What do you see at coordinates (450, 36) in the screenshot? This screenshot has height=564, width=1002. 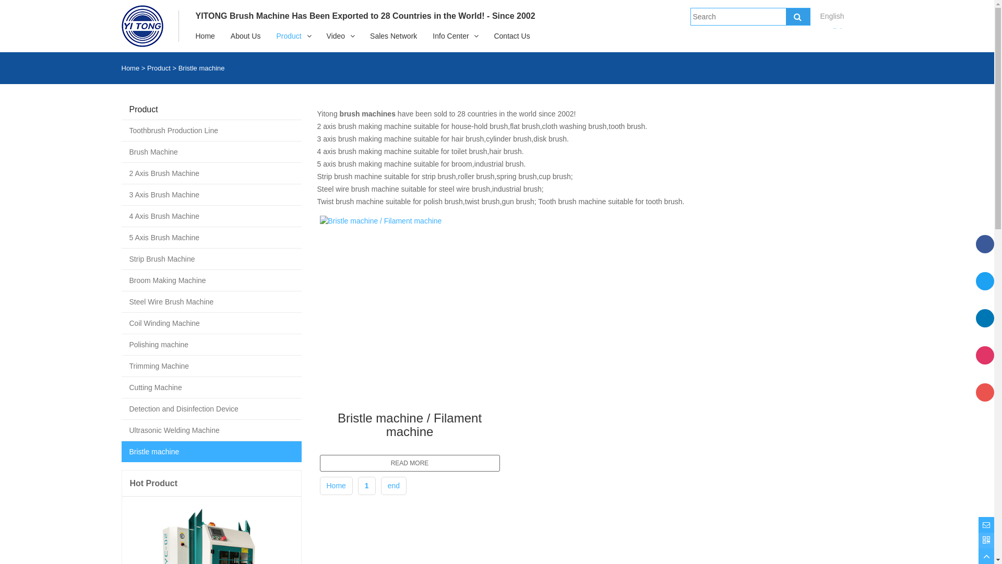 I see `'Info Center'` at bounding box center [450, 36].